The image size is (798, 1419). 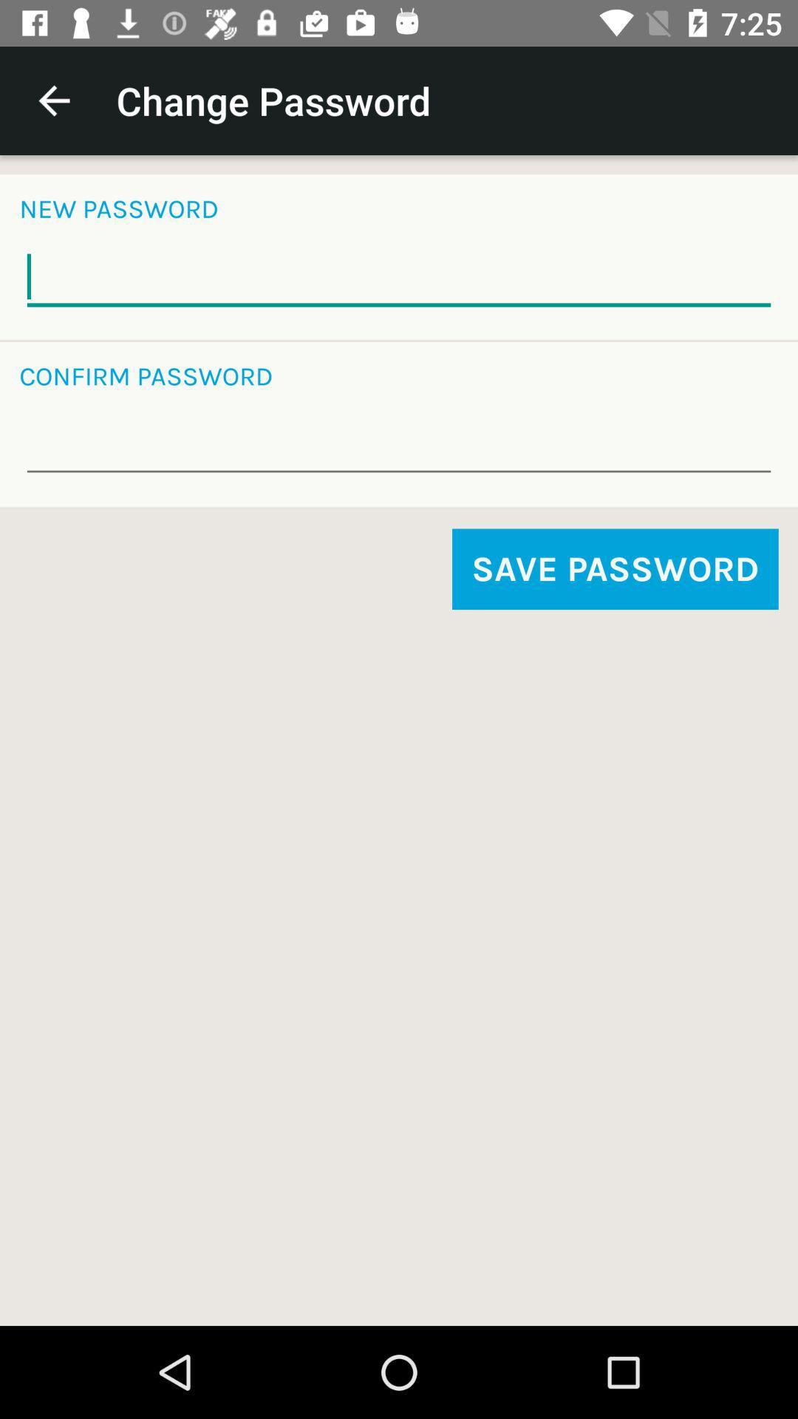 I want to click on the item above new password icon, so click(x=53, y=100).